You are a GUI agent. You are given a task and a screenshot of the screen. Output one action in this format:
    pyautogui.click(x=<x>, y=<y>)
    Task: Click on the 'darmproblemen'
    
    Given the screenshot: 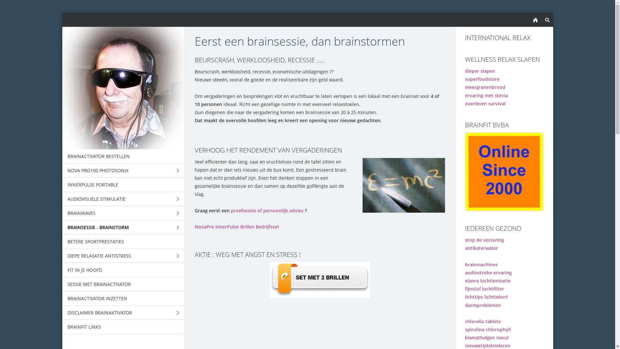 What is the action you would take?
    pyautogui.click(x=483, y=305)
    